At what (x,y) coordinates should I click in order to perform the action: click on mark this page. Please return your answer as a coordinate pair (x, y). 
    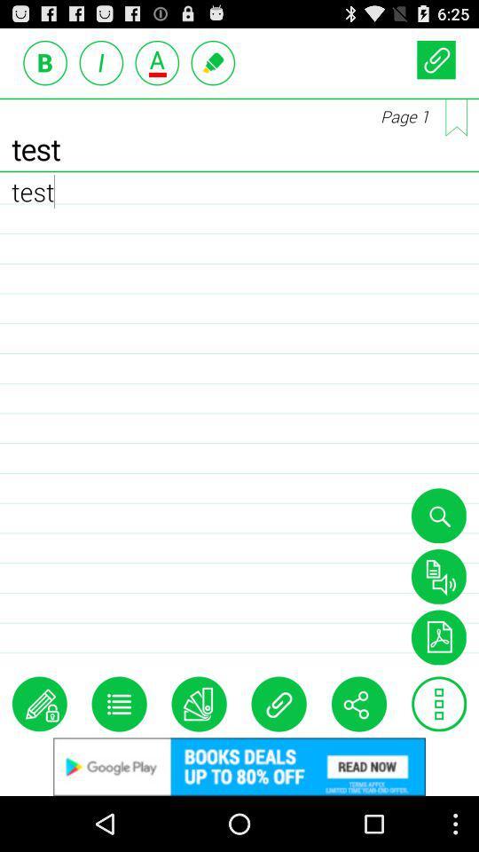
    Looking at the image, I should click on (456, 116).